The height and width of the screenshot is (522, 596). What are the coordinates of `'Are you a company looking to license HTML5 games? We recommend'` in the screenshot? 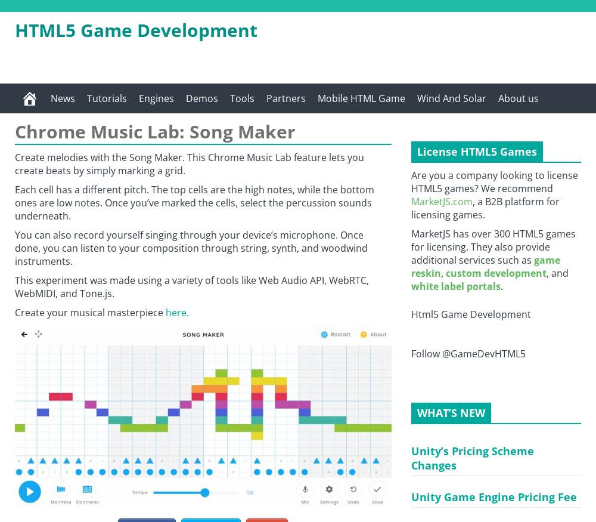 It's located at (494, 181).